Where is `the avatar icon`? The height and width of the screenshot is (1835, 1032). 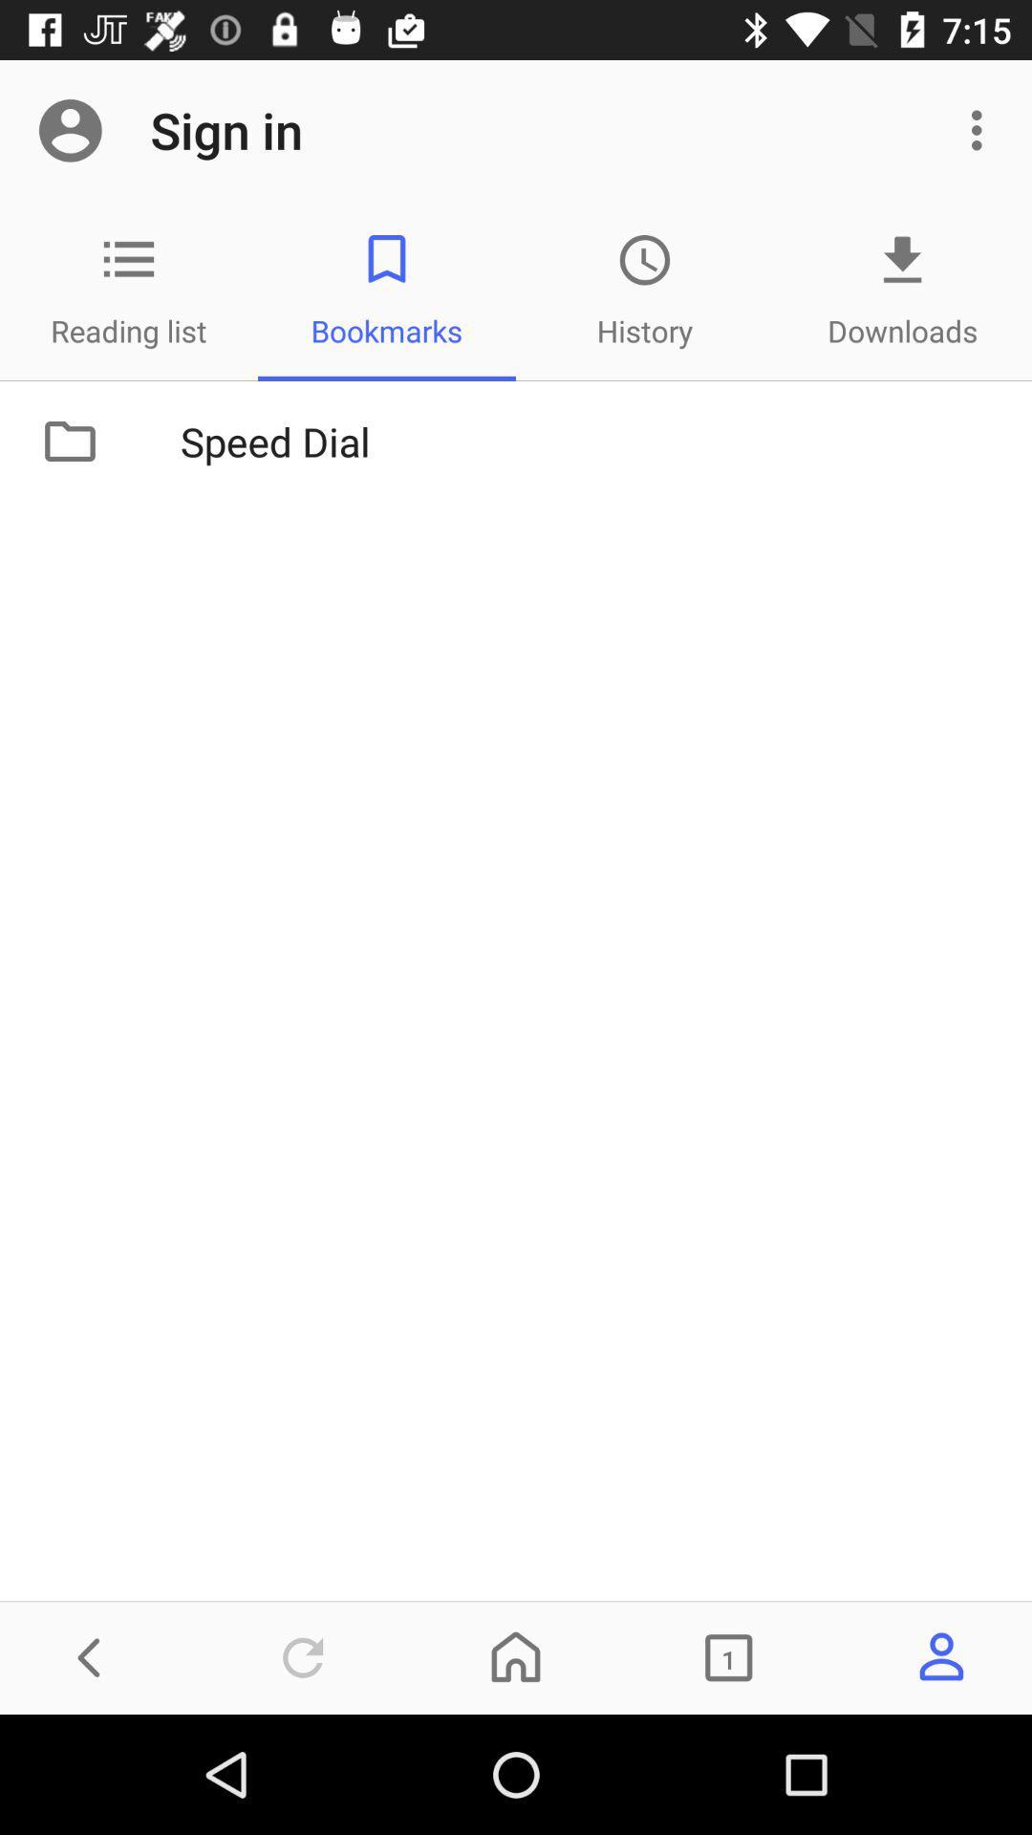
the avatar icon is located at coordinates (940, 1656).